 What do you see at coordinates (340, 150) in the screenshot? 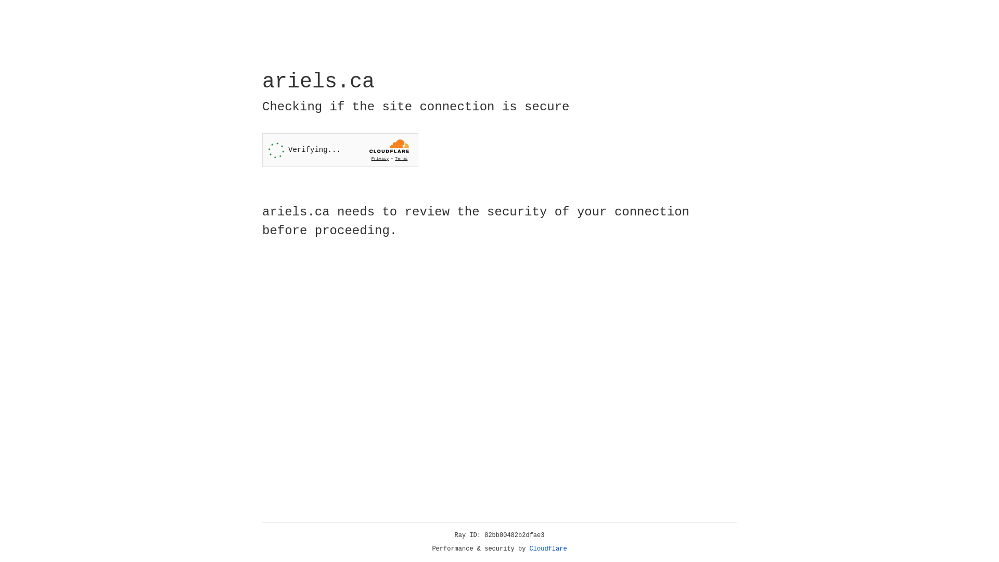
I see `'Widget containing a Cloudflare security challenge'` at bounding box center [340, 150].